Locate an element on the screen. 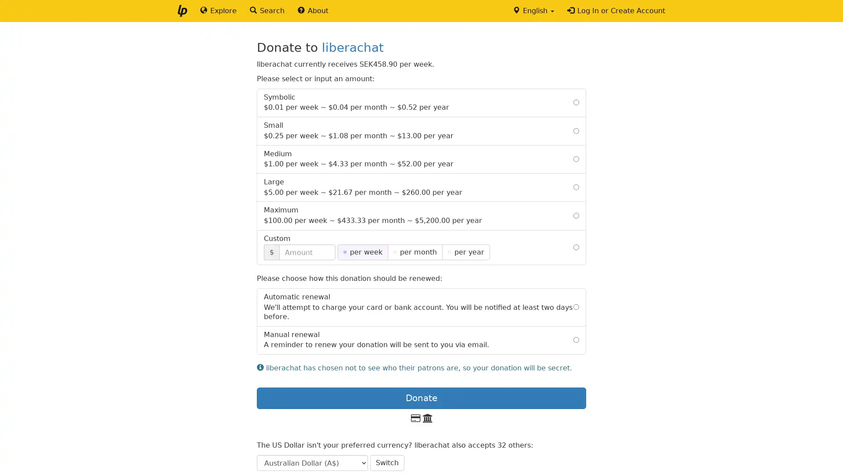 This screenshot has width=843, height=474. Switch is located at coordinates (387, 463).